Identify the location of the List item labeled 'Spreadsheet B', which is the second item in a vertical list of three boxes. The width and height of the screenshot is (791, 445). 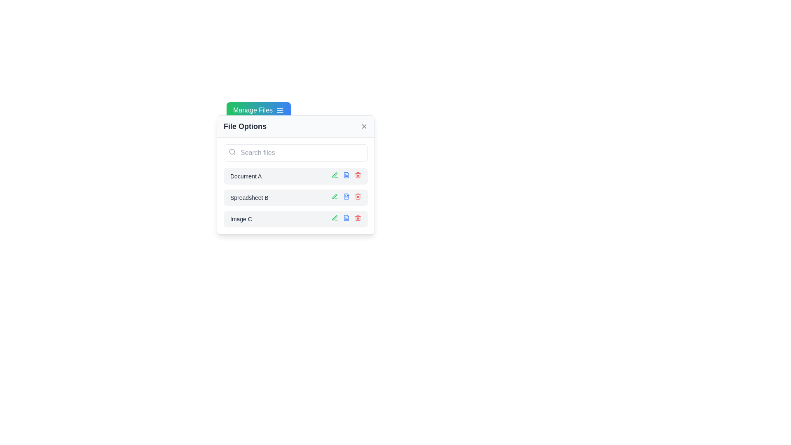
(296, 197).